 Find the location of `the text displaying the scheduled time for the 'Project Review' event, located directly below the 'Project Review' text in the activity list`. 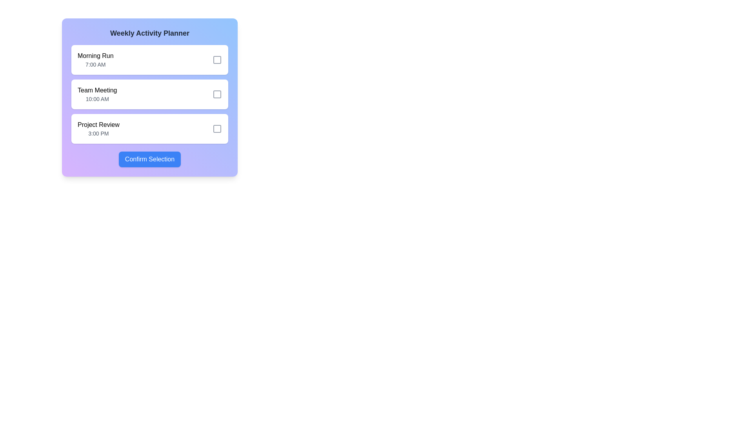

the text displaying the scheduled time for the 'Project Review' event, located directly below the 'Project Review' text in the activity list is located at coordinates (98, 133).